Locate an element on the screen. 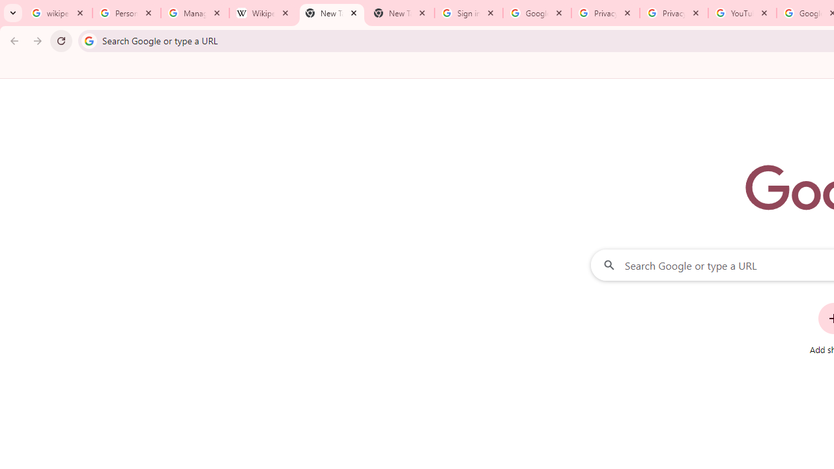  'Sign in - Google Accounts' is located at coordinates (468, 13).